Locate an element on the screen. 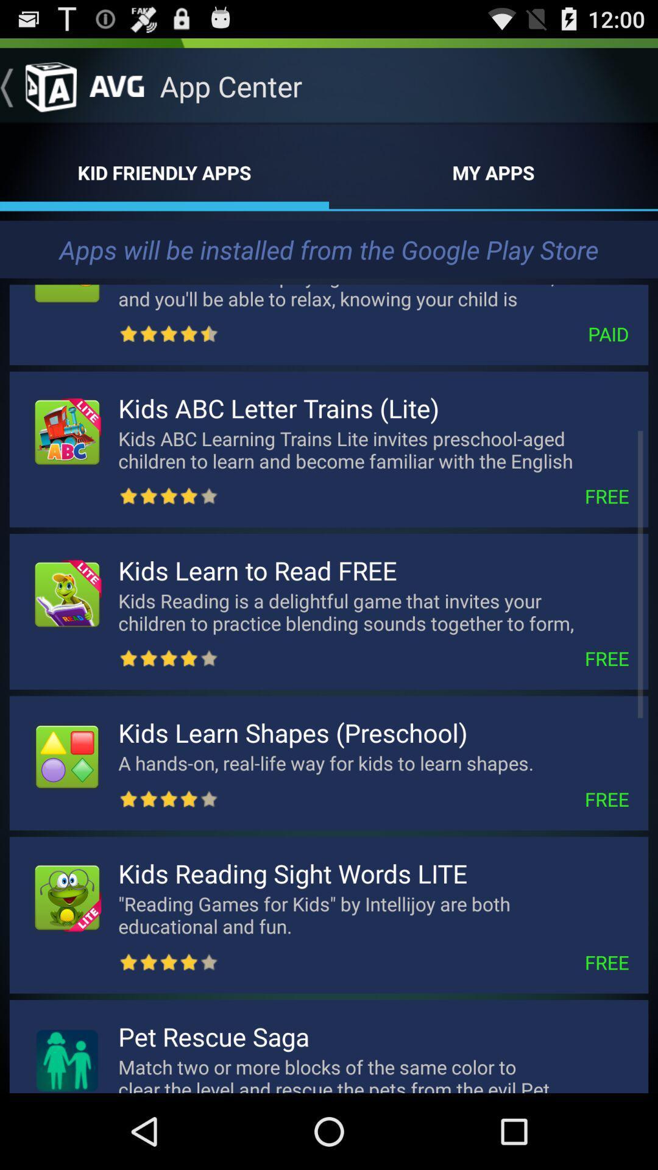 Image resolution: width=658 pixels, height=1170 pixels. reading games for item is located at coordinates (373, 915).